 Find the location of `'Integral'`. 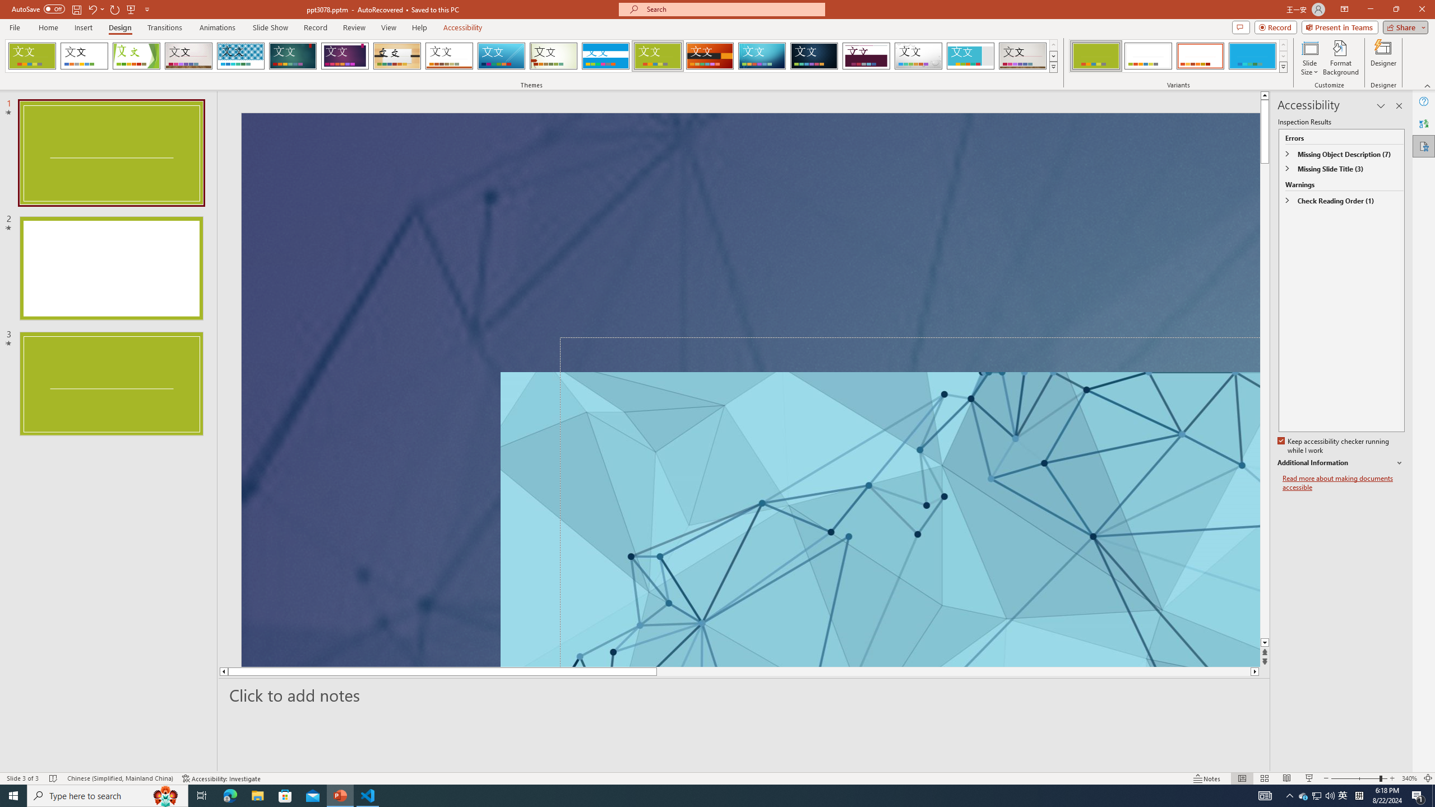

'Integral' is located at coordinates (240, 55).